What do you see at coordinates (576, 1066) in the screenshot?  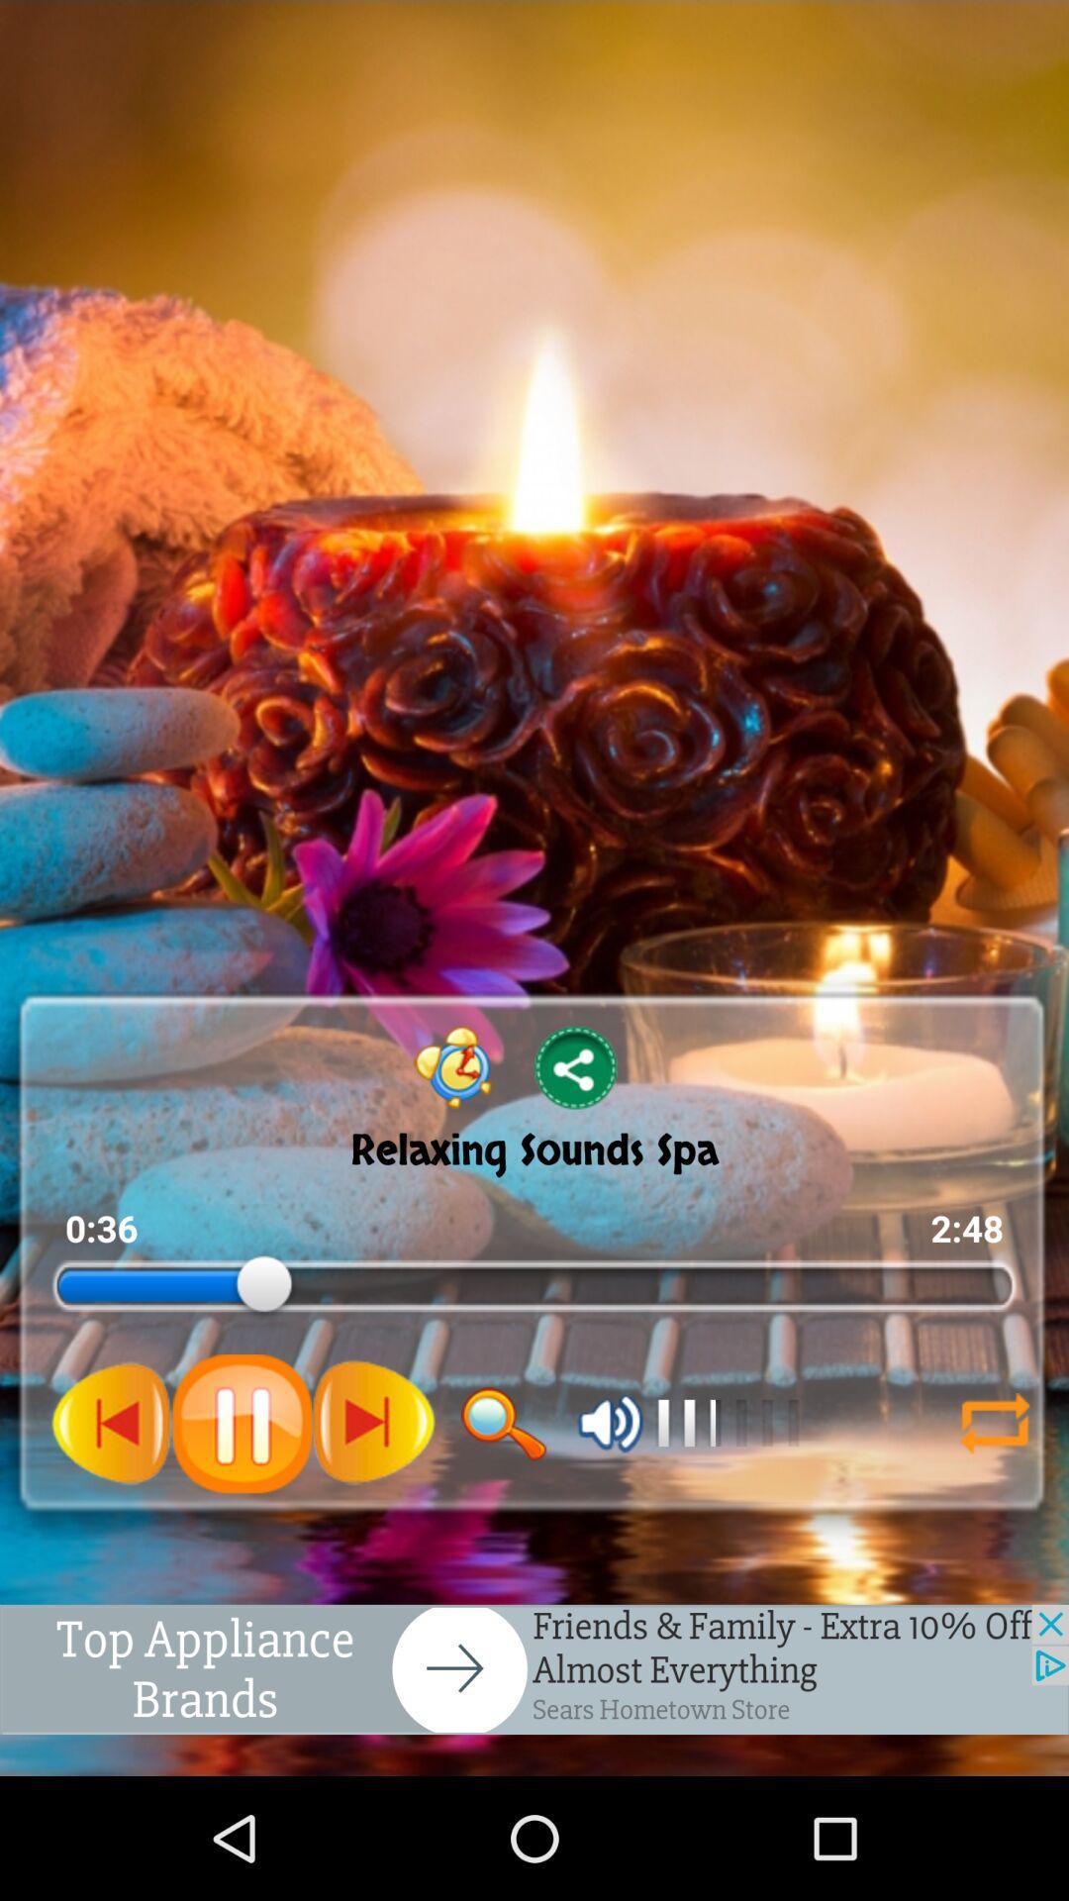 I see `share page` at bounding box center [576, 1066].